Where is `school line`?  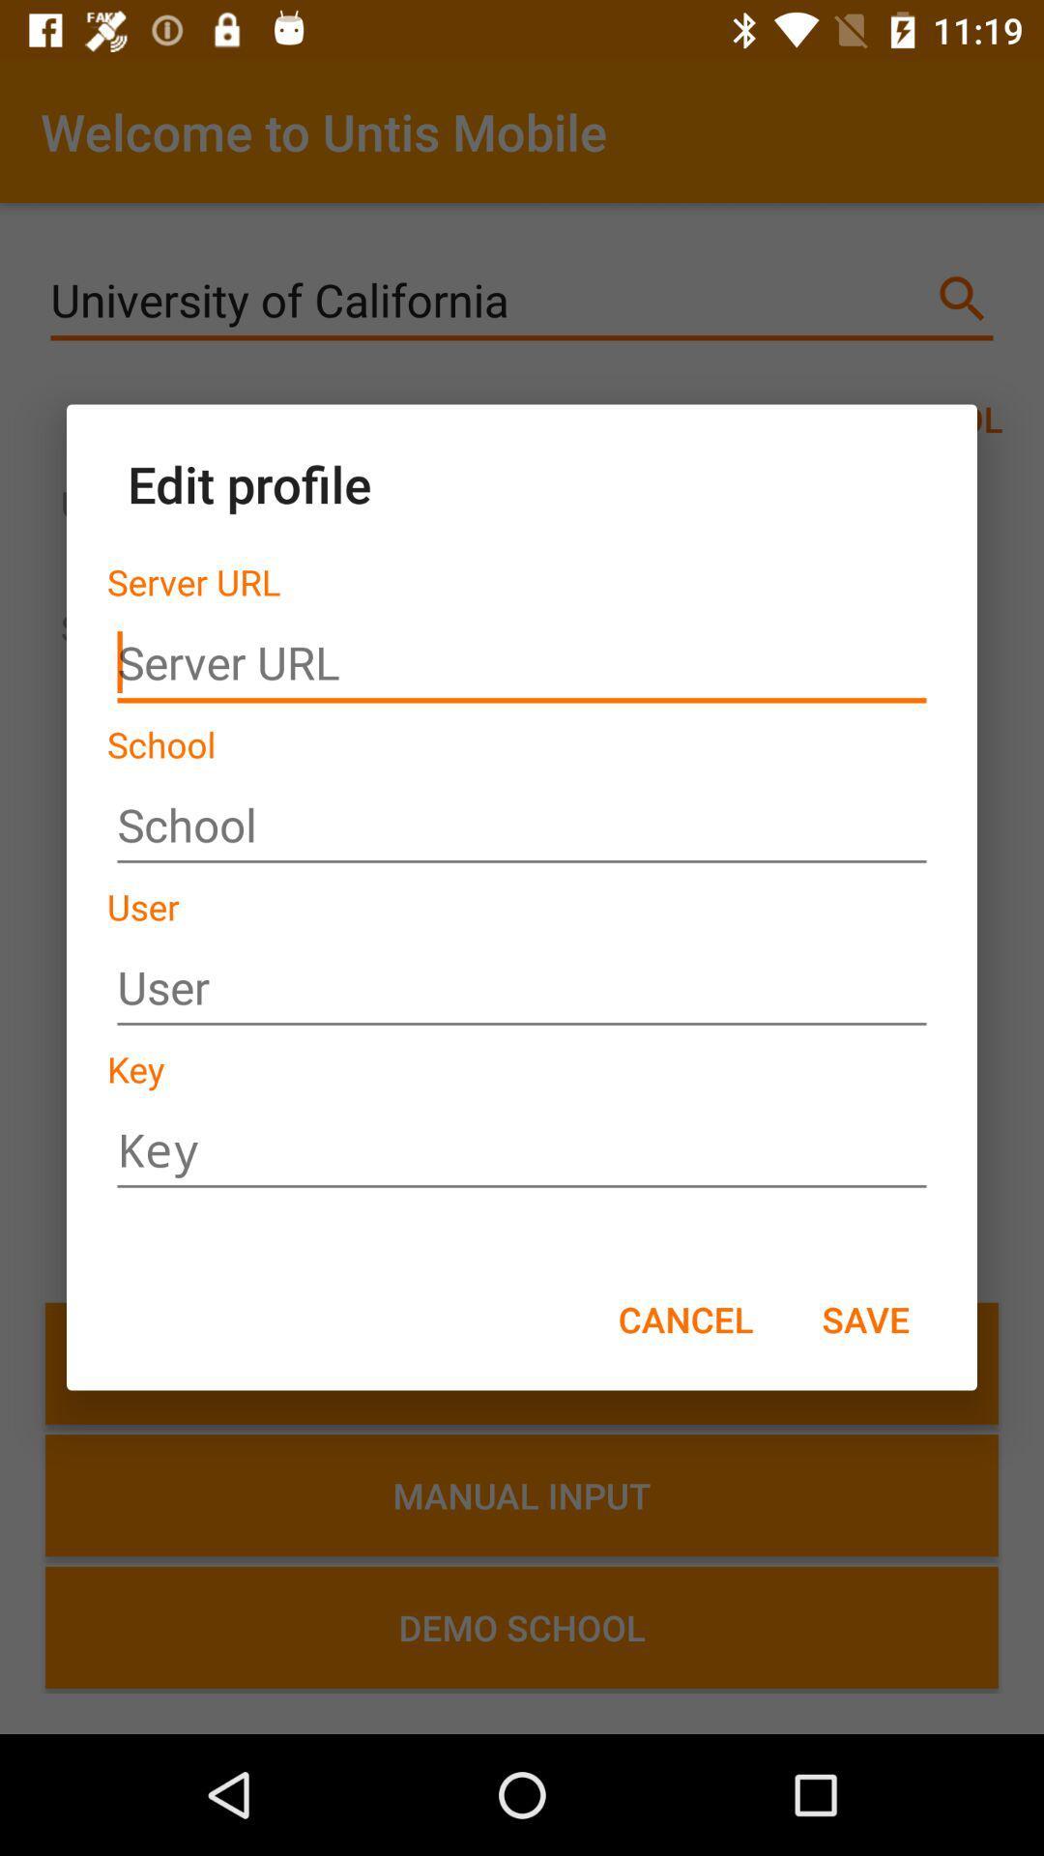
school line is located at coordinates (522, 826).